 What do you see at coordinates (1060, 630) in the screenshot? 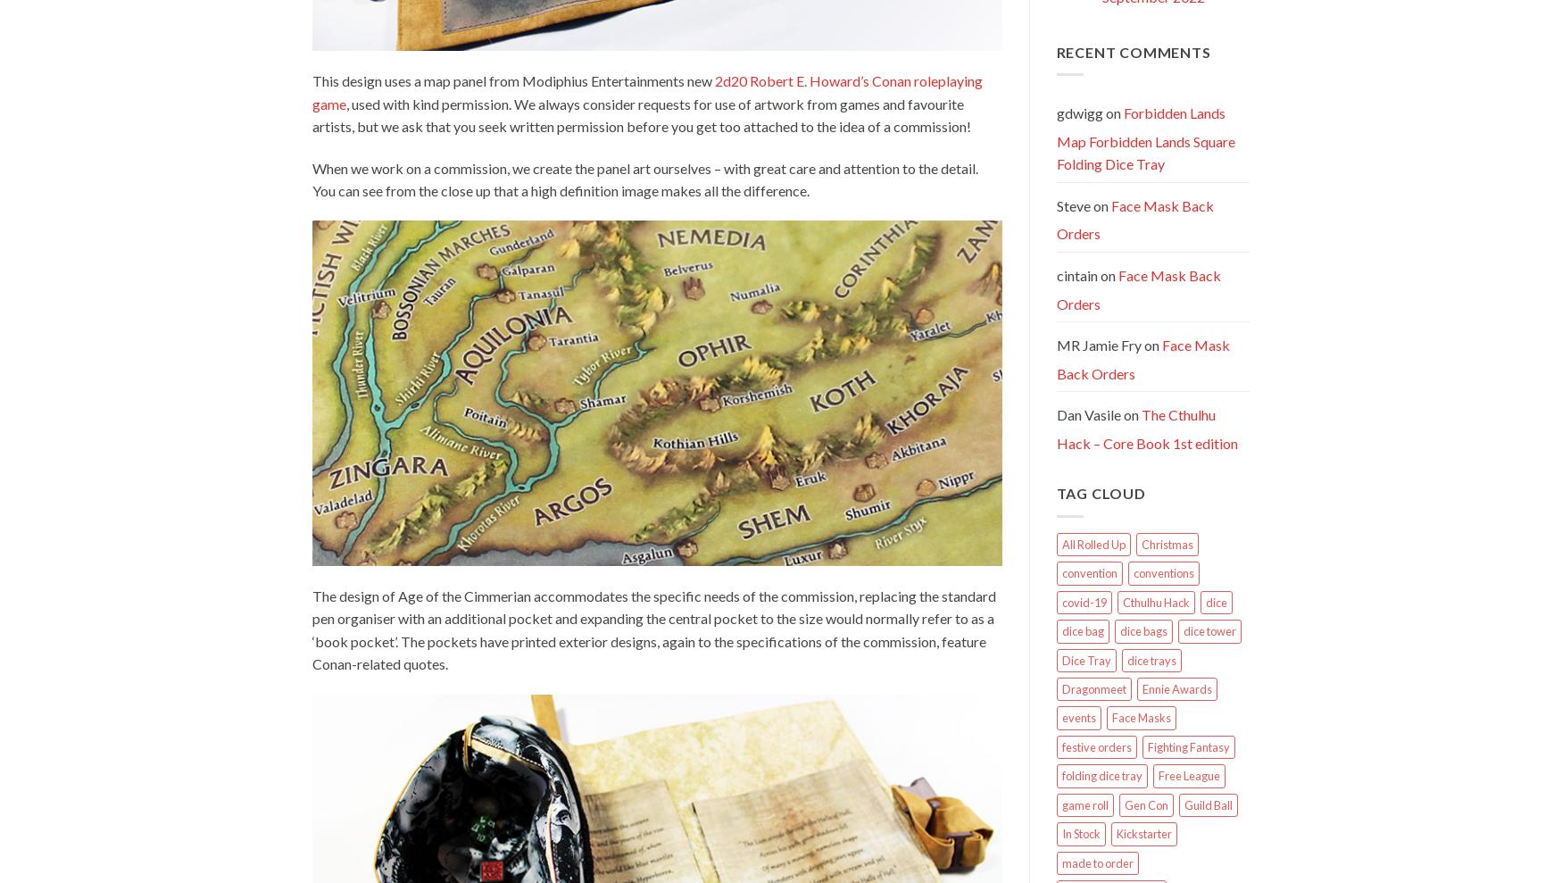
I see `'dice bag'` at bounding box center [1060, 630].